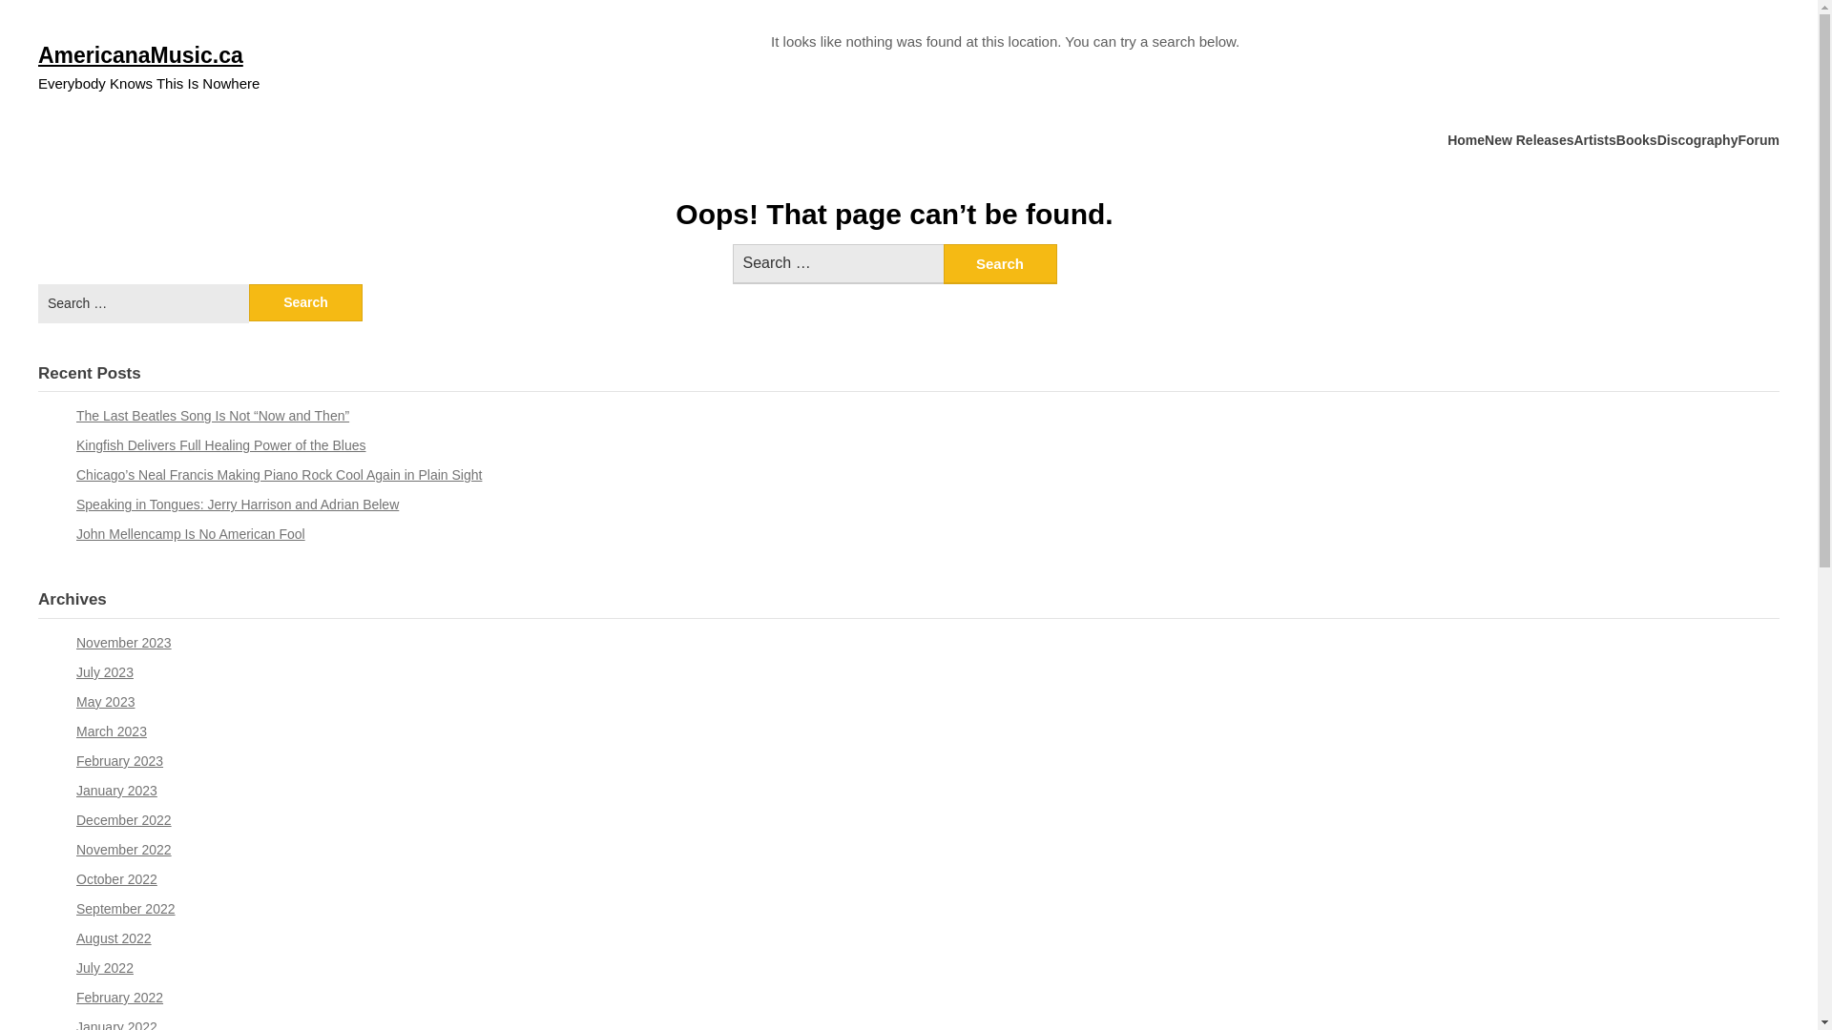 This screenshot has height=1030, width=1832. Describe the element at coordinates (1465, 139) in the screenshot. I see `'Home'` at that location.